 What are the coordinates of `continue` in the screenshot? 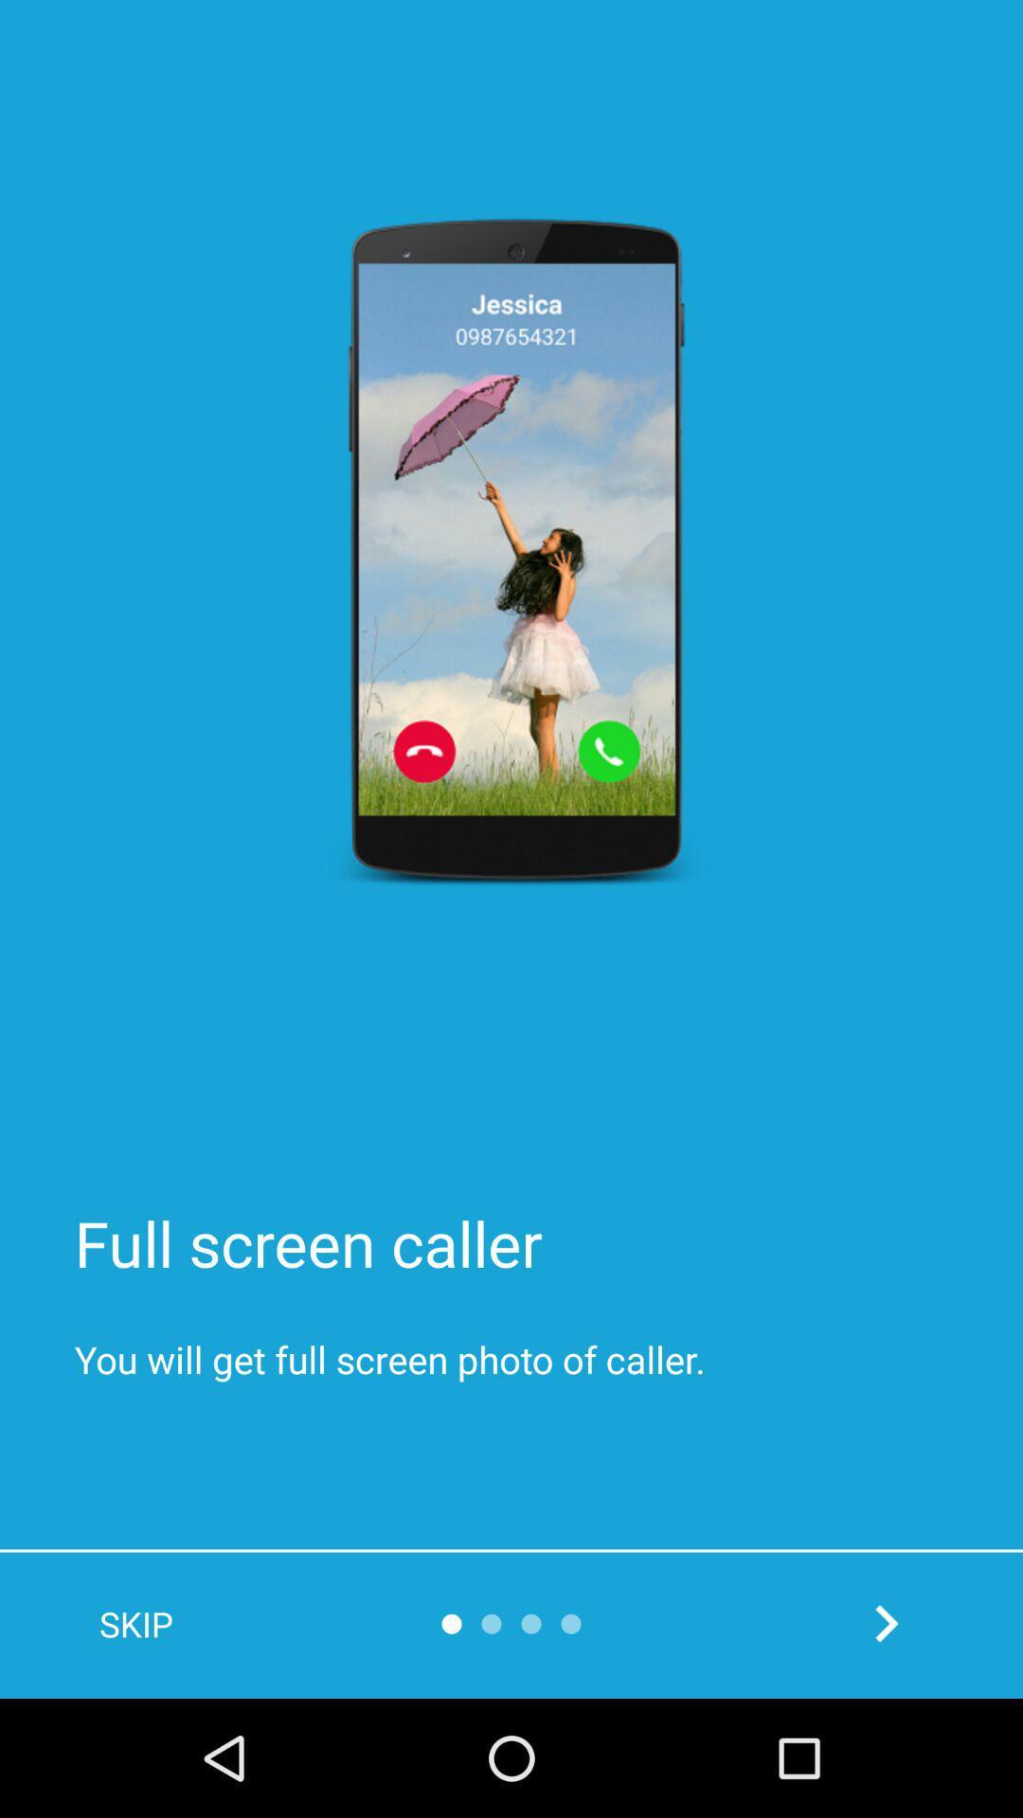 It's located at (886, 1622).